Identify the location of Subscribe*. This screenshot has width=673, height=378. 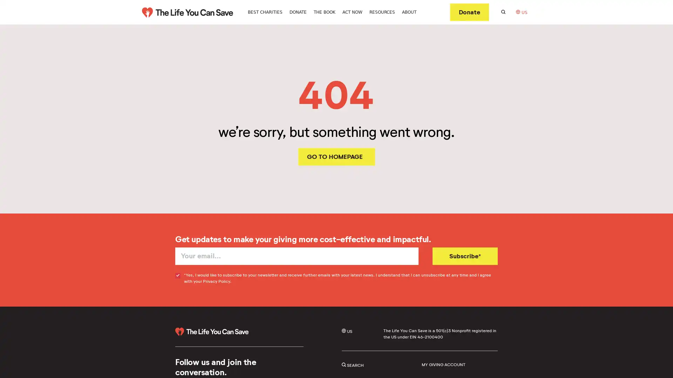
(464, 256).